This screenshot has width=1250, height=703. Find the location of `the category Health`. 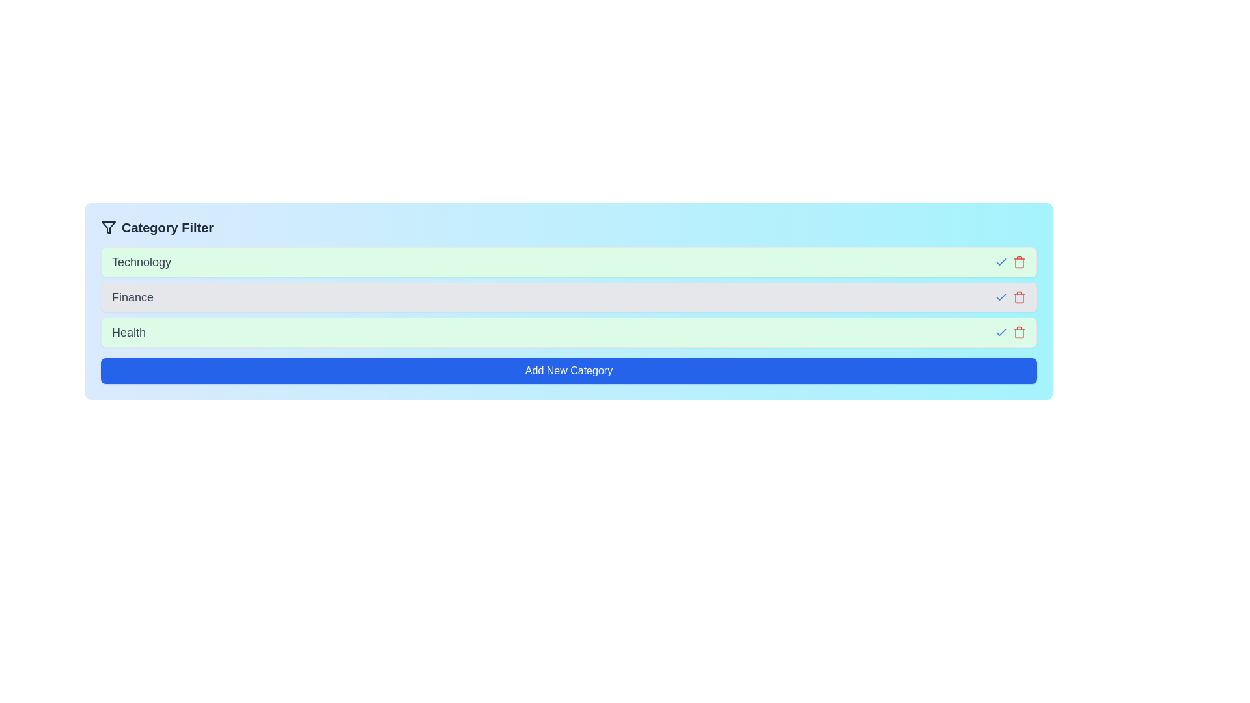

the category Health is located at coordinates (1000, 331).